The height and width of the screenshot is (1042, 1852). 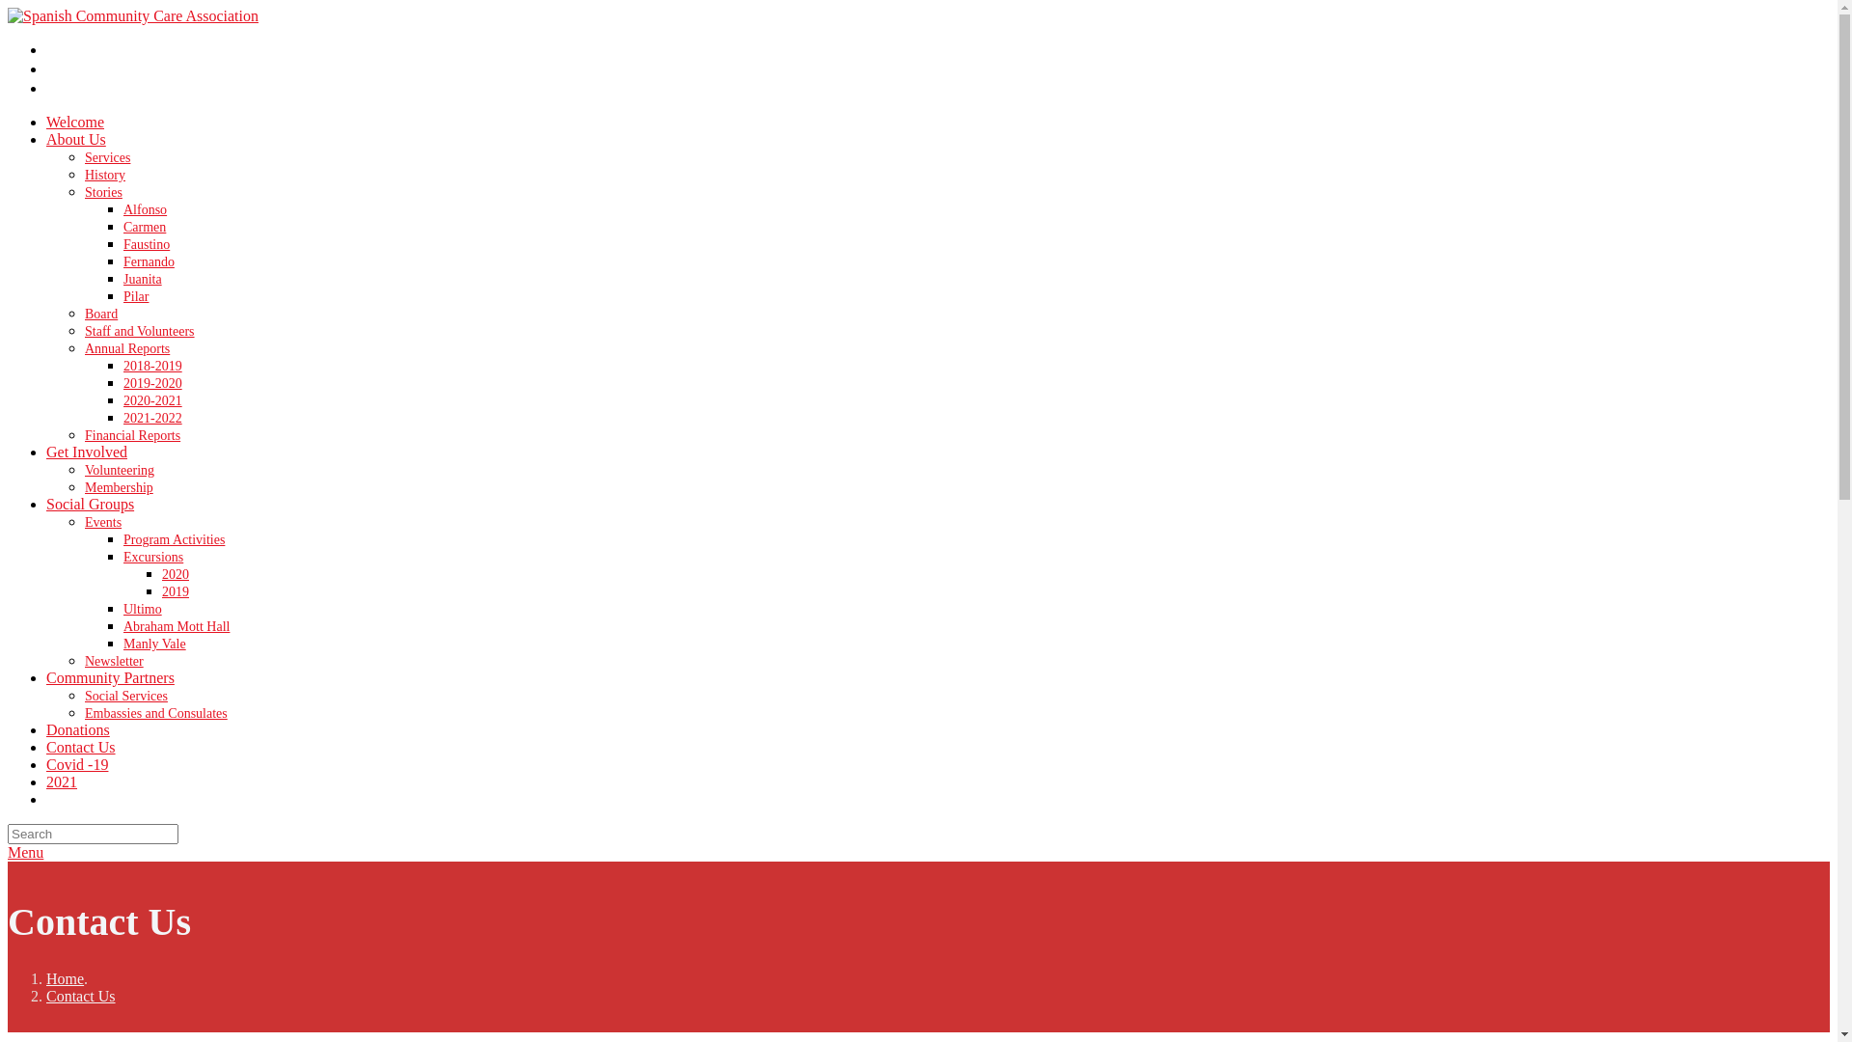 What do you see at coordinates (142, 279) in the screenshot?
I see `'Juanita'` at bounding box center [142, 279].